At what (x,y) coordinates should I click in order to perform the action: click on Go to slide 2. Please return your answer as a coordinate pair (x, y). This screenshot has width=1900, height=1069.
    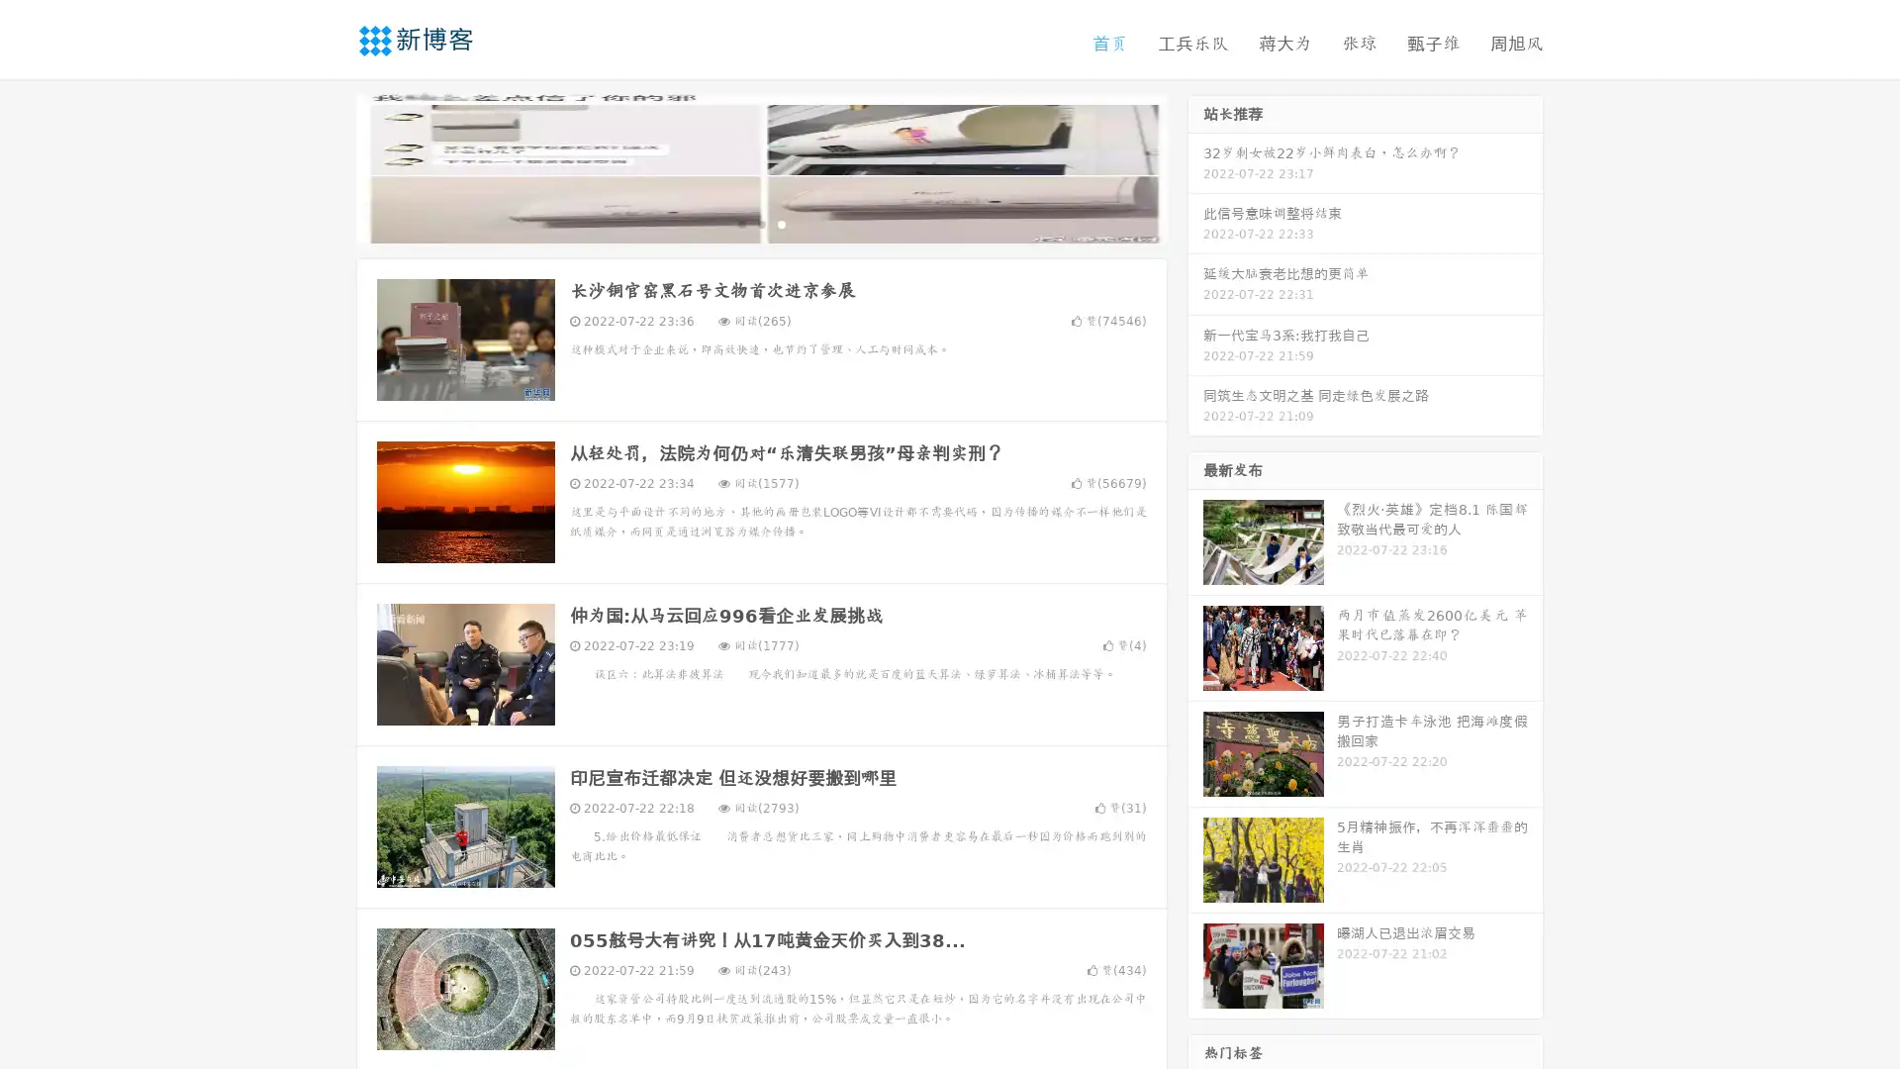
    Looking at the image, I should click on (760, 223).